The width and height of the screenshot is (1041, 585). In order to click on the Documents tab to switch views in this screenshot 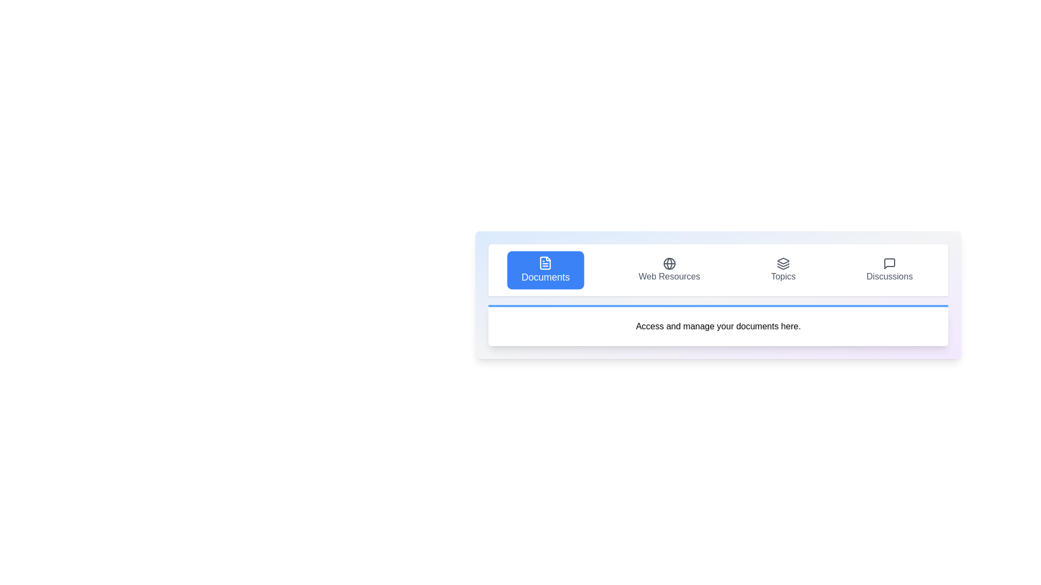, I will do `click(545, 269)`.